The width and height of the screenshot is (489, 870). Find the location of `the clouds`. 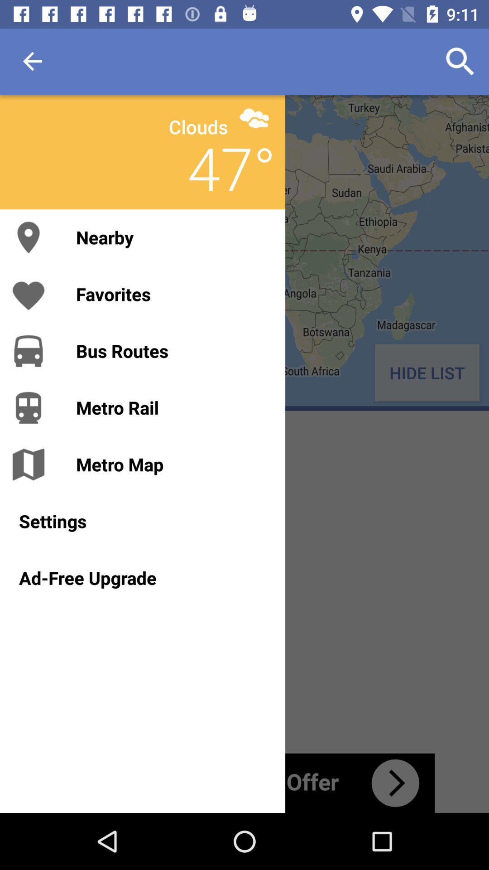

the clouds is located at coordinates (198, 126).